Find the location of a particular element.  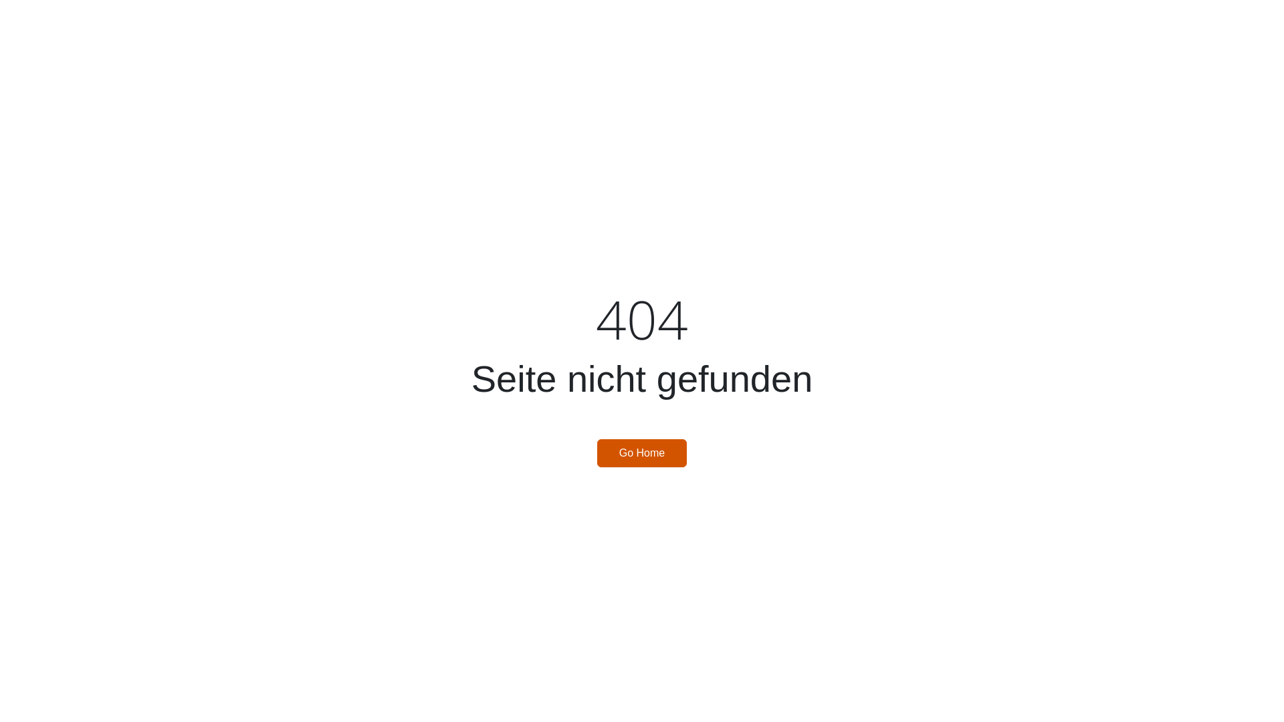

'Go Home' is located at coordinates (596, 453).